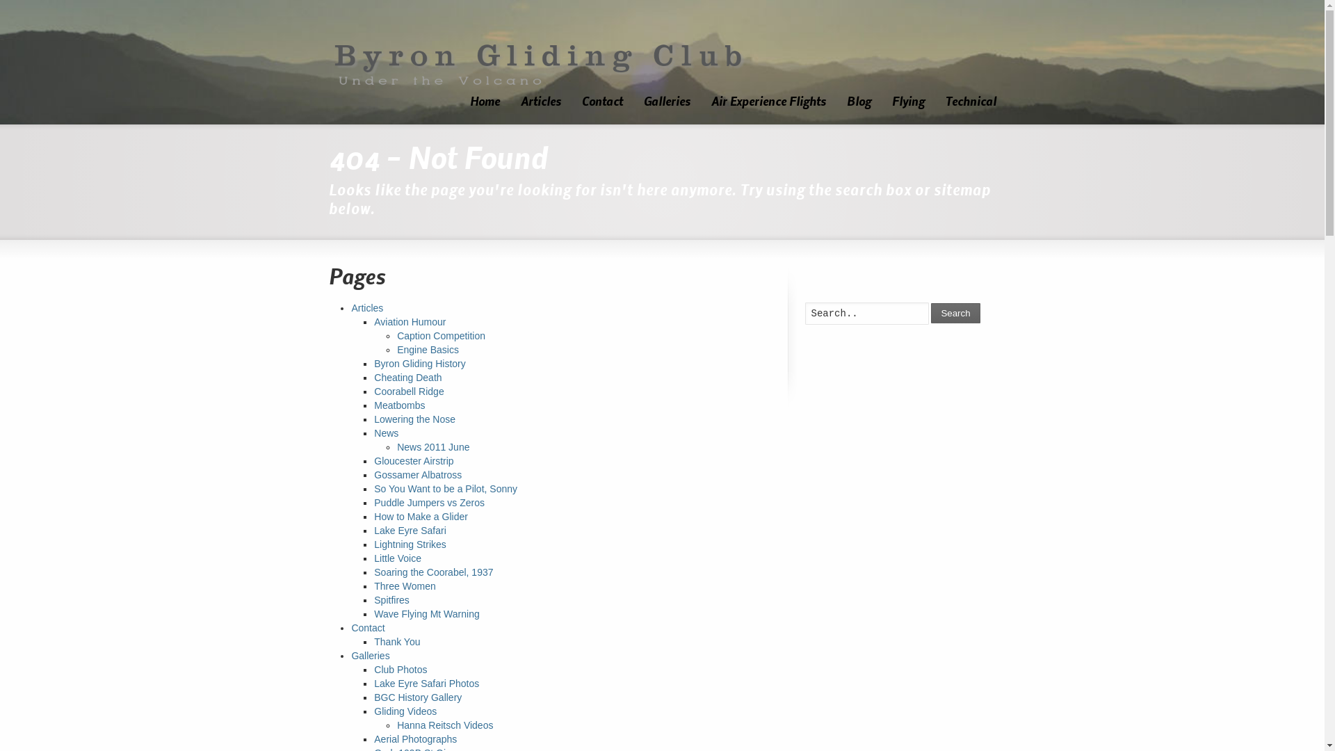 This screenshot has width=1335, height=751. What do you see at coordinates (409, 321) in the screenshot?
I see `'Aviation Humour'` at bounding box center [409, 321].